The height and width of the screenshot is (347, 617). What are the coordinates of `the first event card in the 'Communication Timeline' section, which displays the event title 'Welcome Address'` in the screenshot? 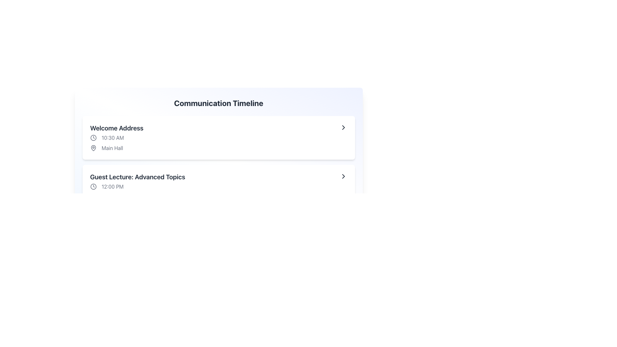 It's located at (219, 137).